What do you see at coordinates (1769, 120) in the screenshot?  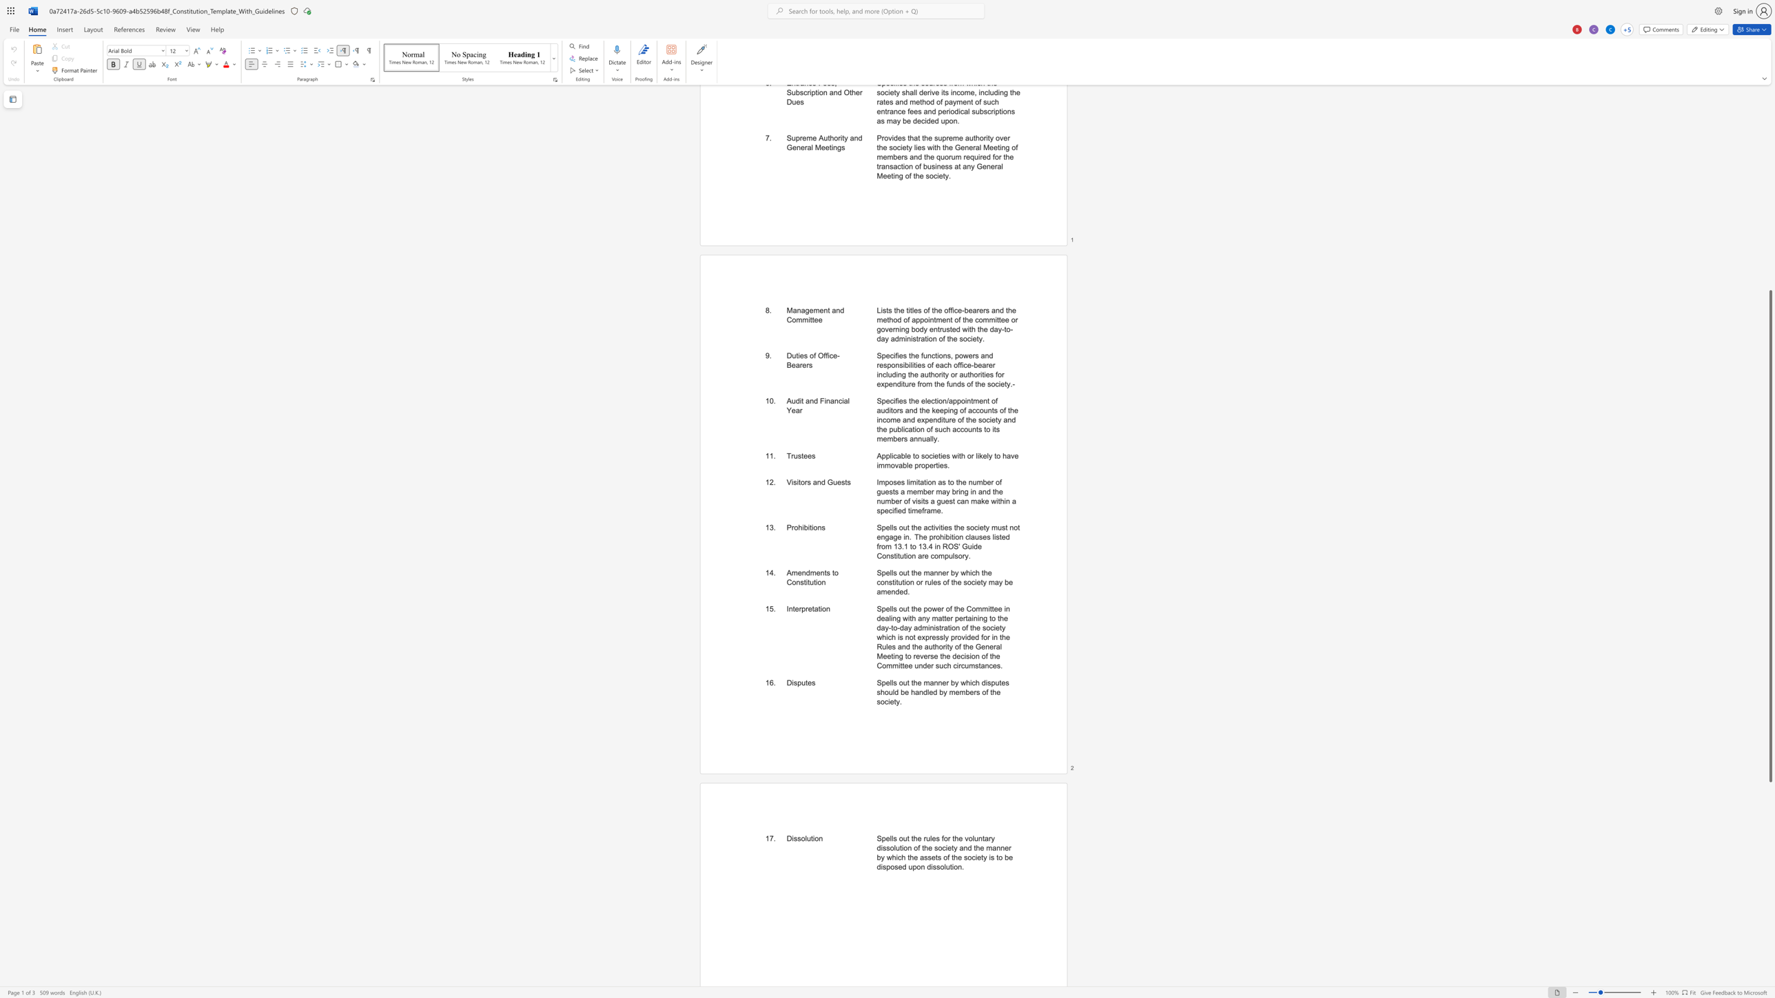 I see `the scrollbar` at bounding box center [1769, 120].